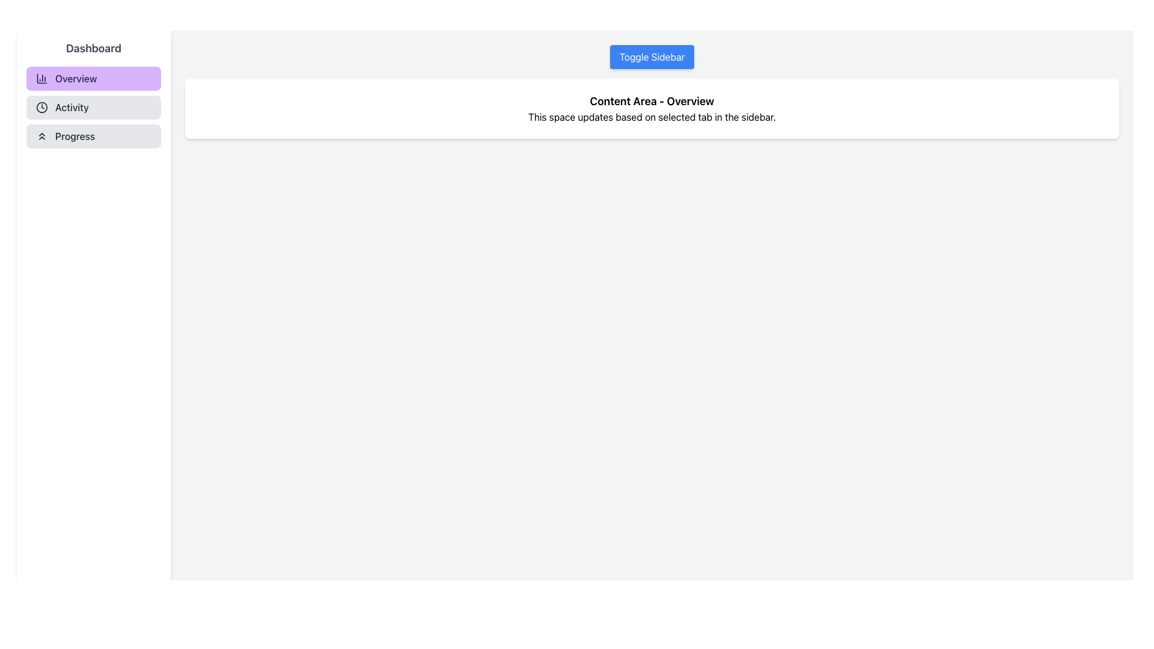  I want to click on the 'Progress' text label in the sidebar navigation, which is the third option under the 'Dashboard' heading, positioned to the right of an upward double-arrow icon, so click(74, 136).